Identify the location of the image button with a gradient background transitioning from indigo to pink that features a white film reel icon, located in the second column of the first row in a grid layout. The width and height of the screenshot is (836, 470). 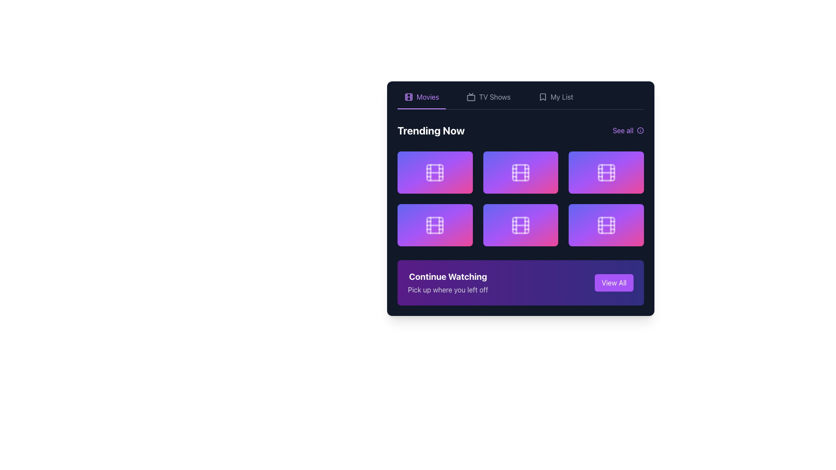
(520, 172).